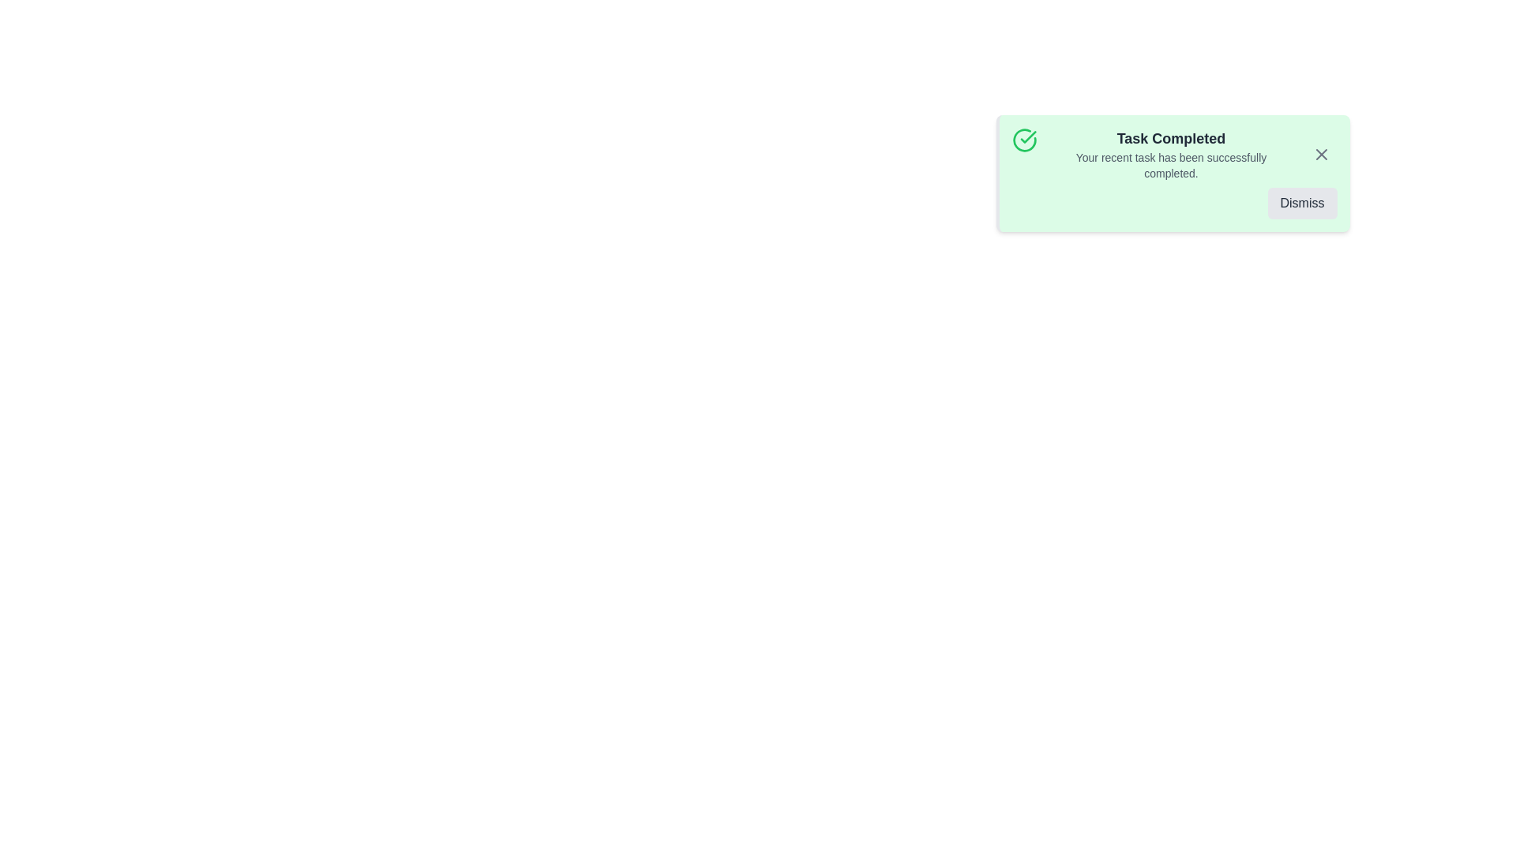  I want to click on the dismiss button located in the bottom-right corner of the notification panel with a green background and a 'Task Completed' title, so click(1302, 203).